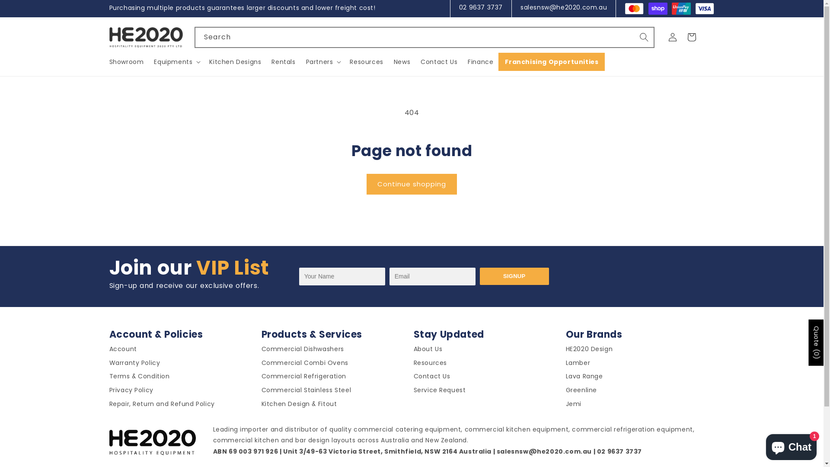  What do you see at coordinates (672, 36) in the screenshot?
I see `'Log in'` at bounding box center [672, 36].